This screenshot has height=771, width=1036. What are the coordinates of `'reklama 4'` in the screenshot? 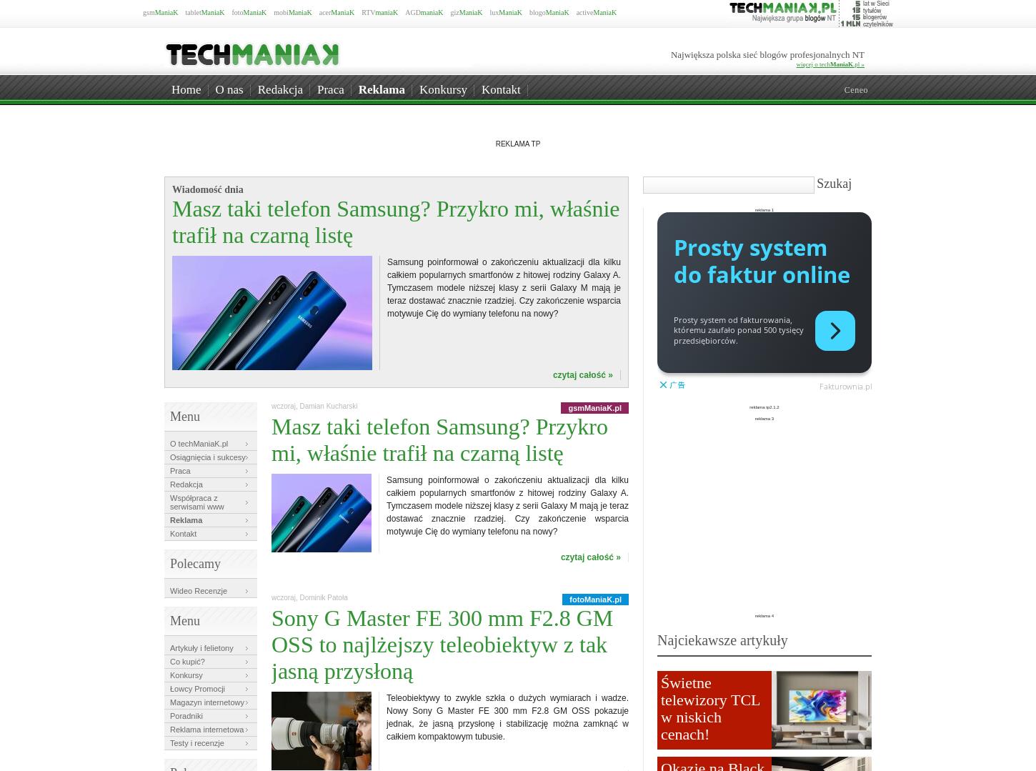 It's located at (764, 616).